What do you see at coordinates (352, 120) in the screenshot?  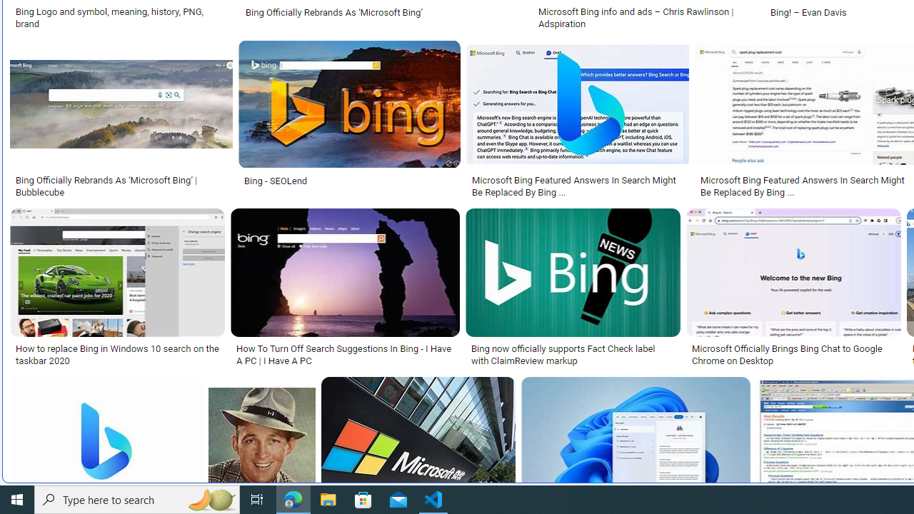 I see `'Bing - SEOLendSave'` at bounding box center [352, 120].